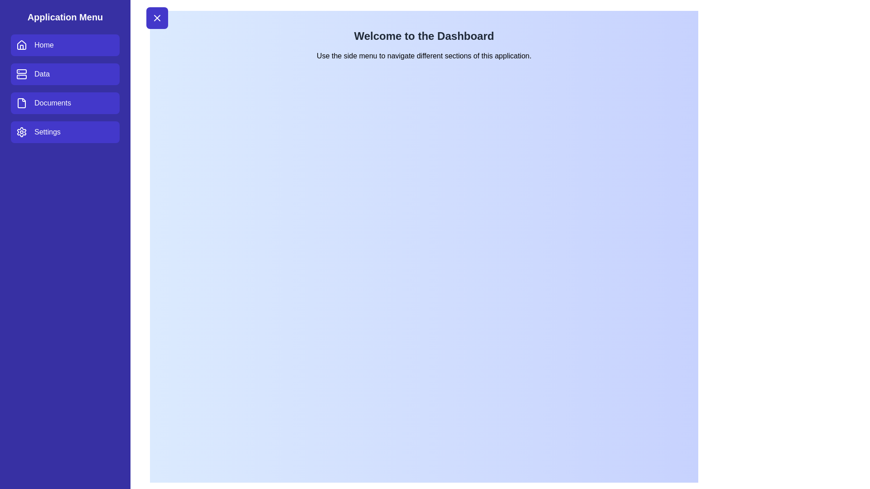 The width and height of the screenshot is (870, 489). I want to click on toggle button at the top-left corner to toggle the drawer's state, so click(157, 18).